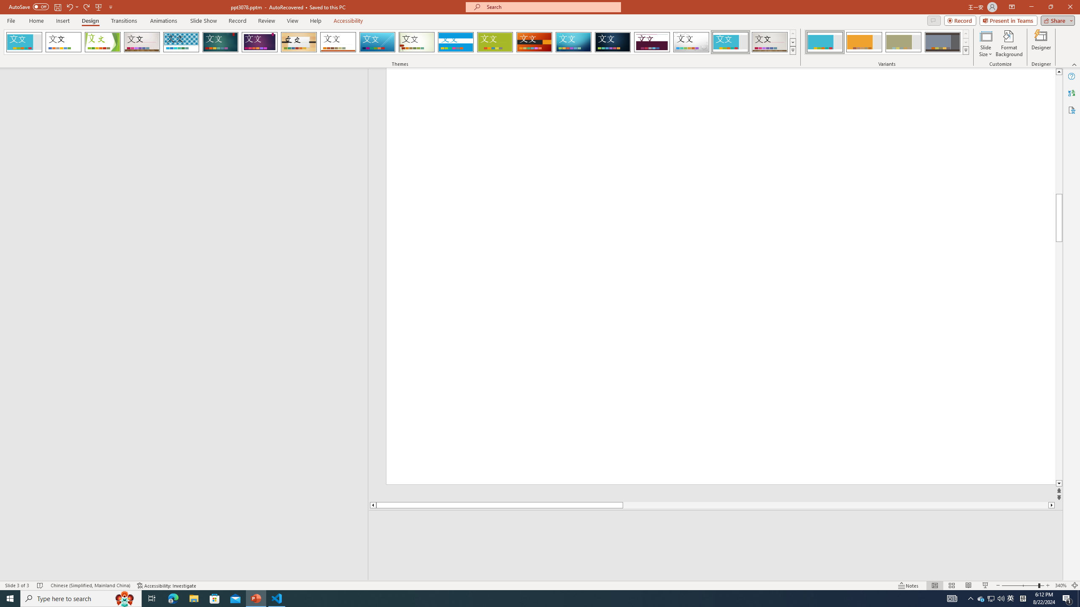 This screenshot has height=607, width=1080. Describe the element at coordinates (730, 42) in the screenshot. I see `'Frame'` at that location.